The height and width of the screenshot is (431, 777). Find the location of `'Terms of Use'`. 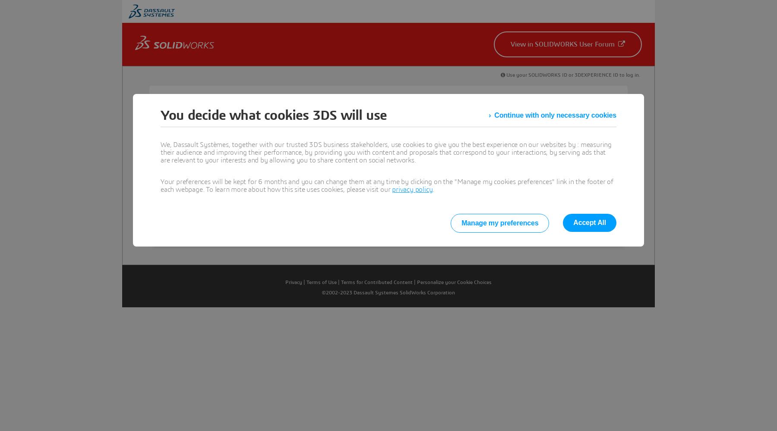

'Terms of Use' is located at coordinates (322, 282).